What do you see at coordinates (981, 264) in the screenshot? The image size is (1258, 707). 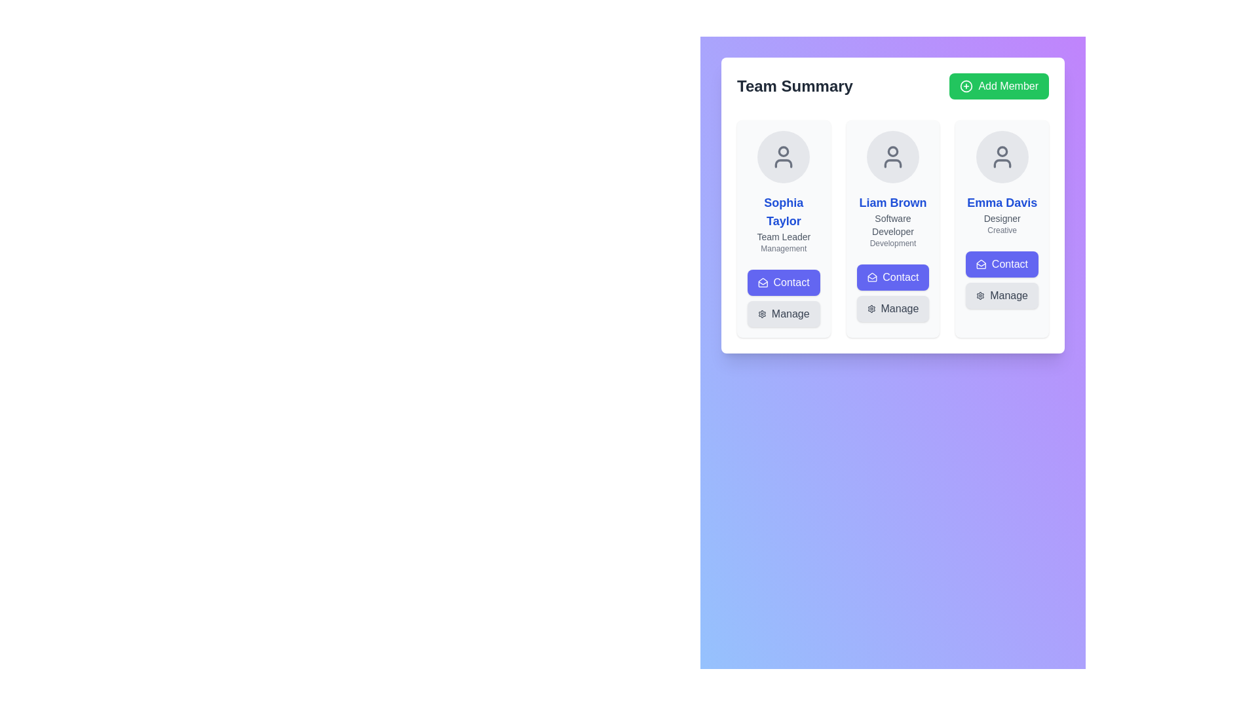 I see `the mail icon located in the lower section of Emma Davis's card` at bounding box center [981, 264].